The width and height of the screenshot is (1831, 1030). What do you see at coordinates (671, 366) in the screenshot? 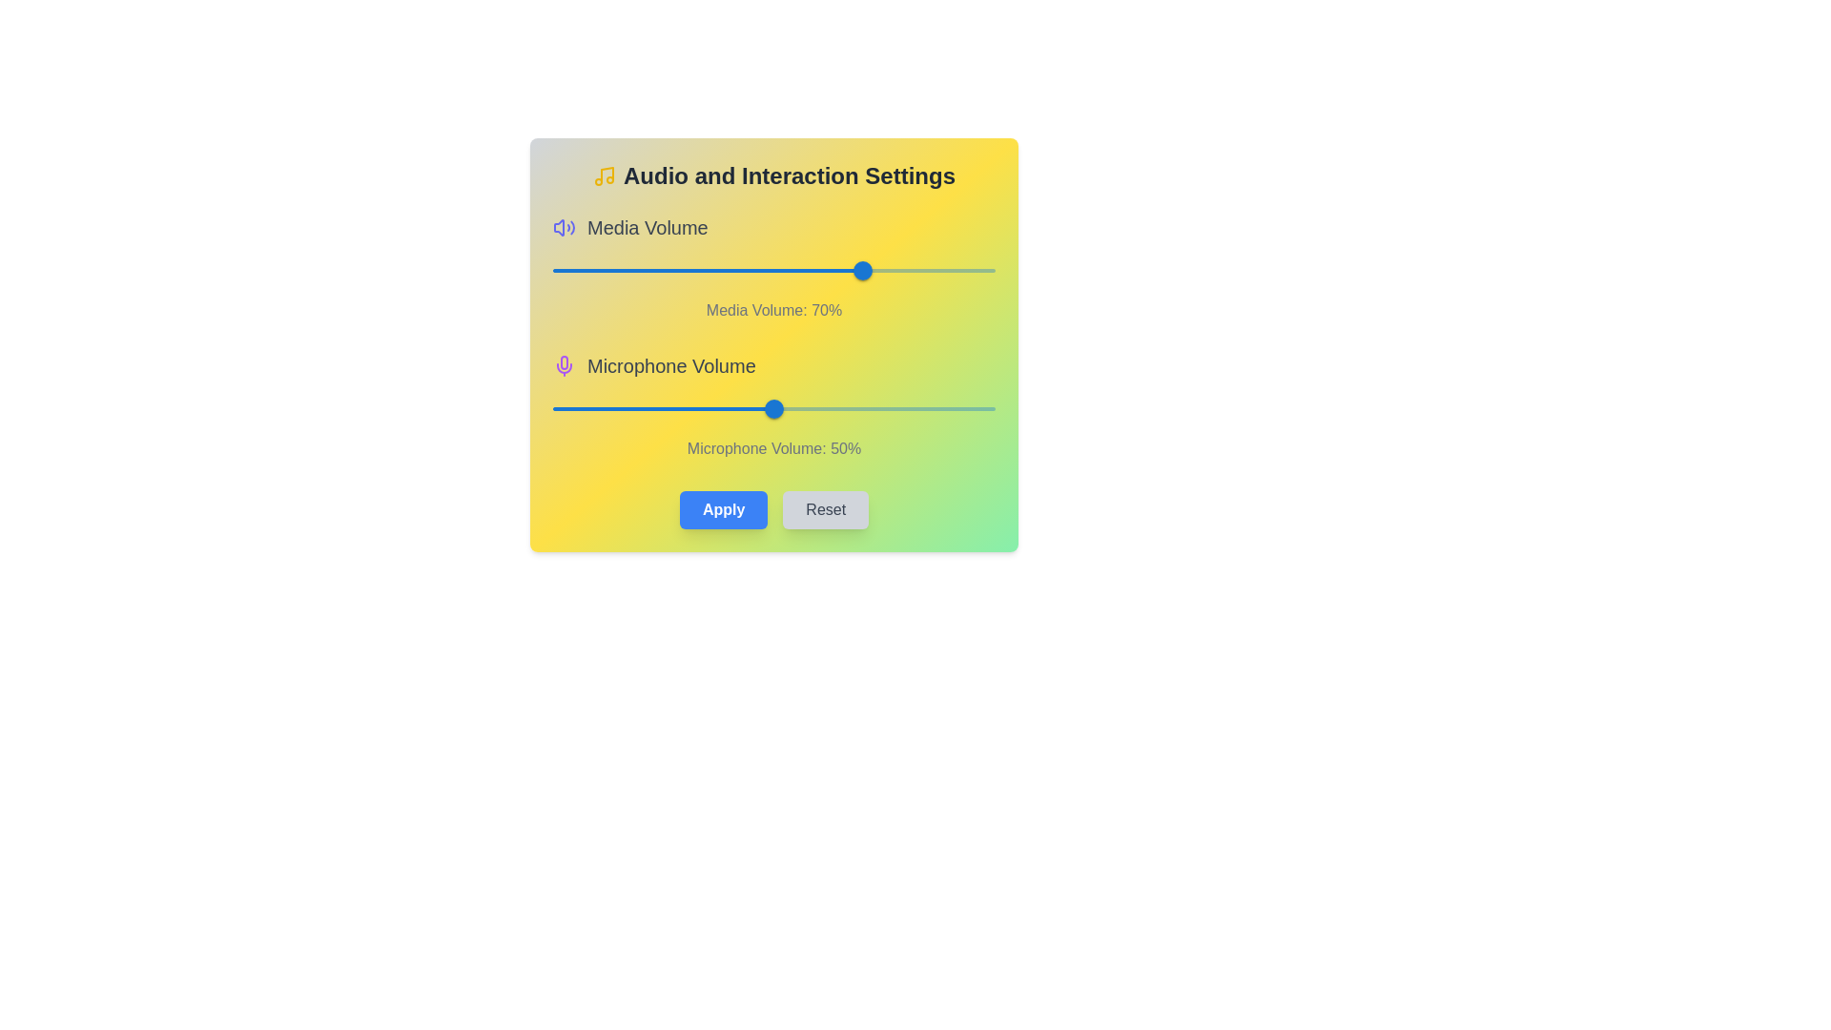
I see `the label for the microphone volume adjustment section, which is located to the right of a purple microphone icon in the settings menu` at bounding box center [671, 366].